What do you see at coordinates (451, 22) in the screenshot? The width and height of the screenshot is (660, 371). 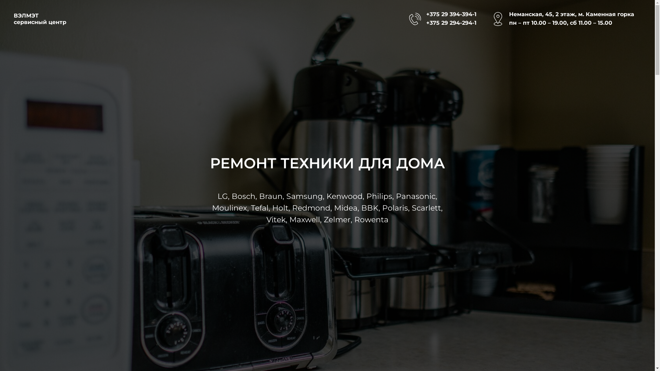 I see `'+375 29 294-294-1'` at bounding box center [451, 22].